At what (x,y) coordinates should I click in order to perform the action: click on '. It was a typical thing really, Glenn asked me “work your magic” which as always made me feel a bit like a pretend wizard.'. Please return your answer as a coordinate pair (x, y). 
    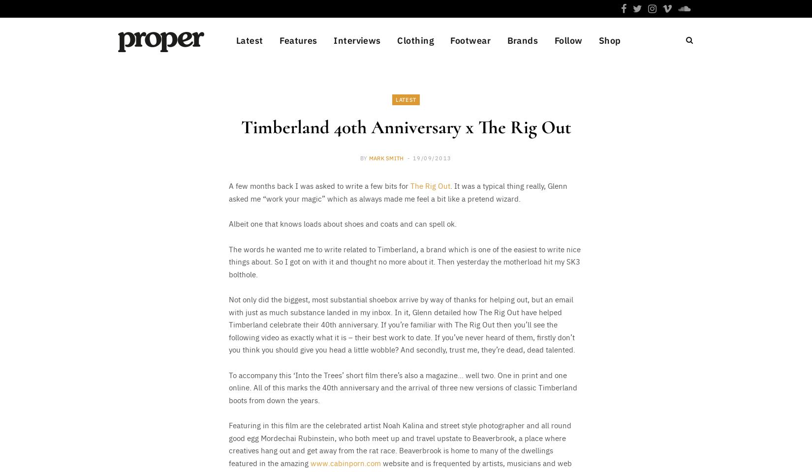
    Looking at the image, I should click on (397, 191).